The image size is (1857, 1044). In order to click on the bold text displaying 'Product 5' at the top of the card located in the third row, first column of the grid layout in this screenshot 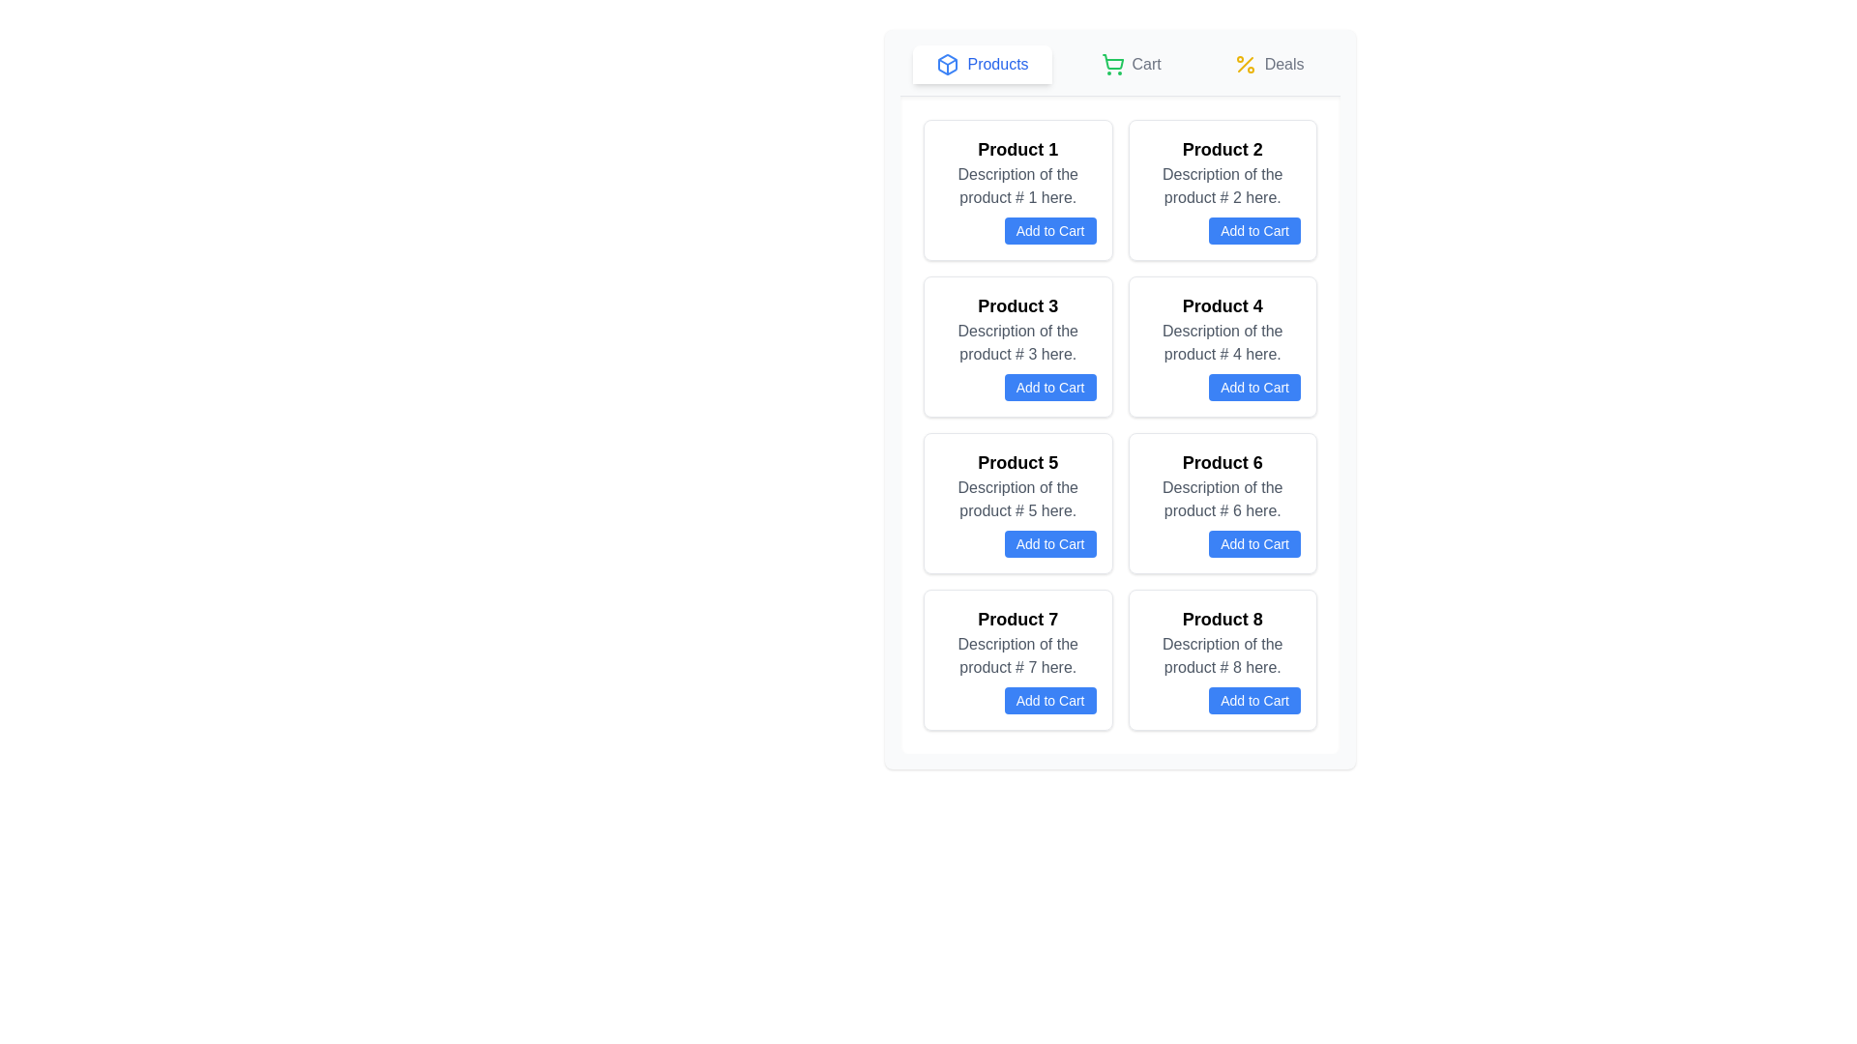, I will do `click(1017, 462)`.